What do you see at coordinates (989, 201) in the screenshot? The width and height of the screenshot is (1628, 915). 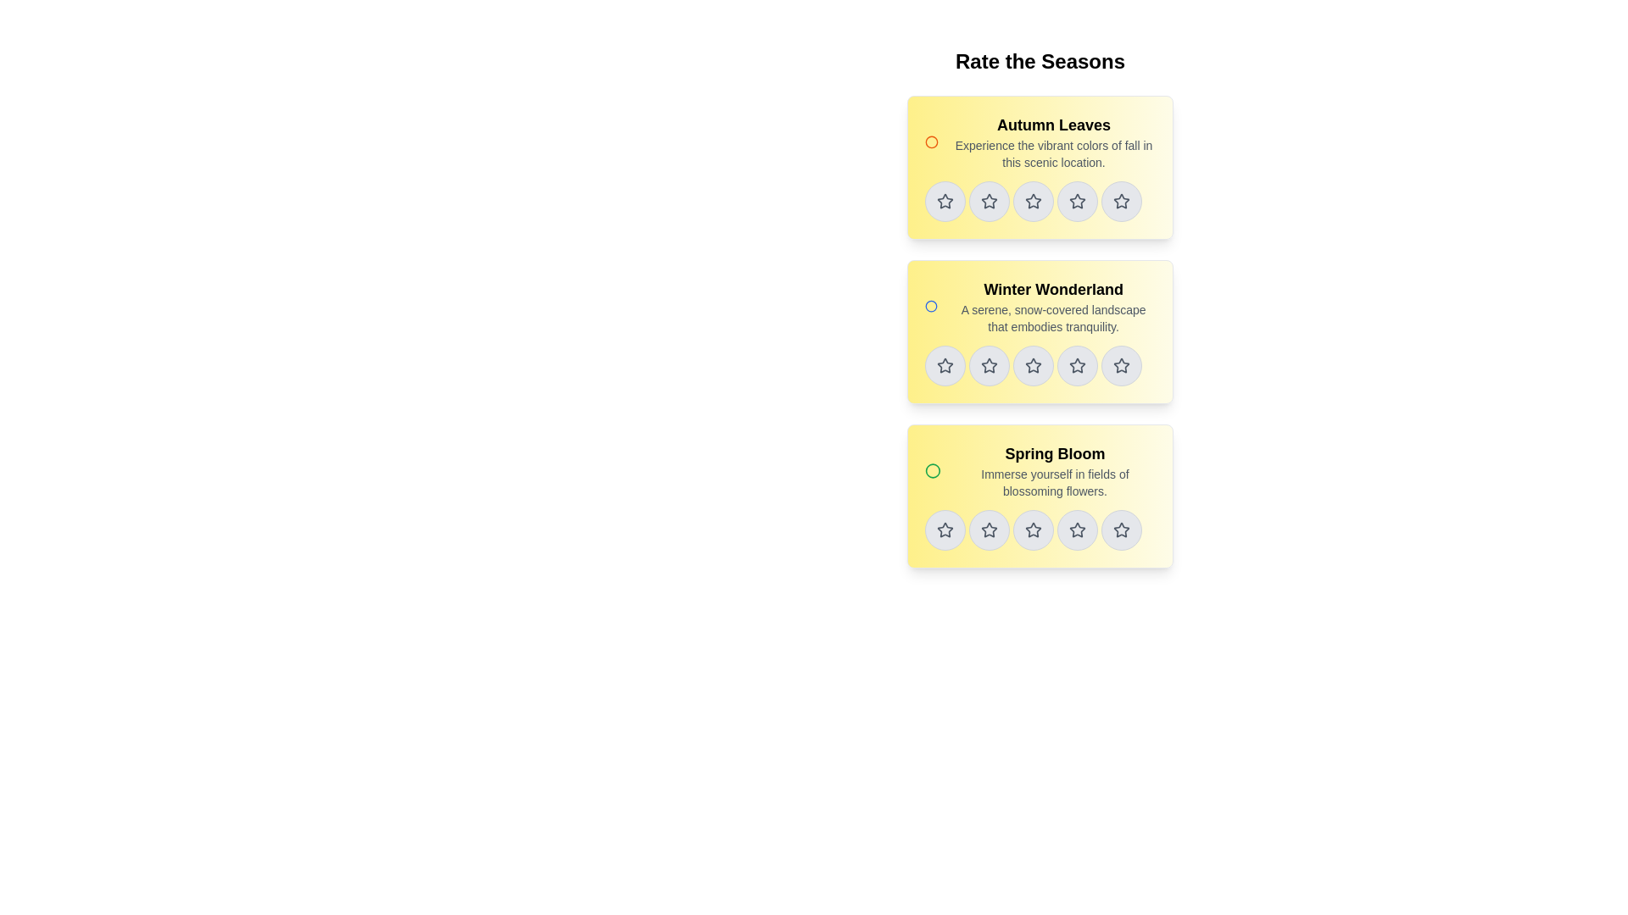 I see `the second star in the 5-star rating system for the 'Autumn Leaves' section to set a two-star rating` at bounding box center [989, 201].